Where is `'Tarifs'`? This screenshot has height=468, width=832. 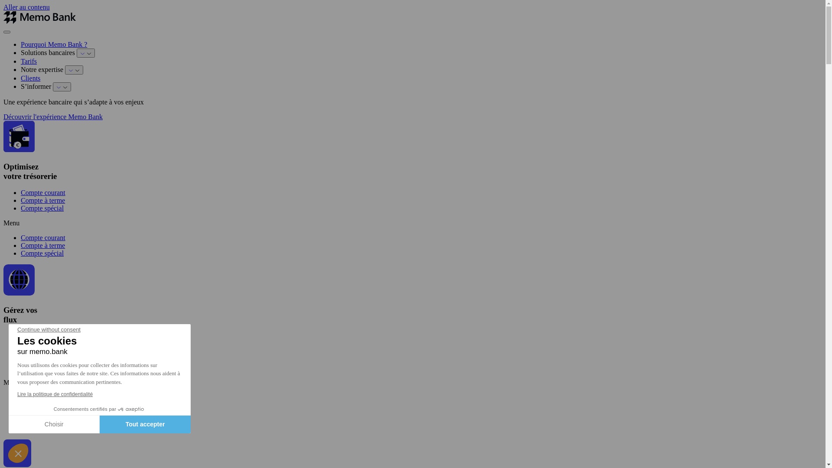 'Tarifs' is located at coordinates (29, 61).